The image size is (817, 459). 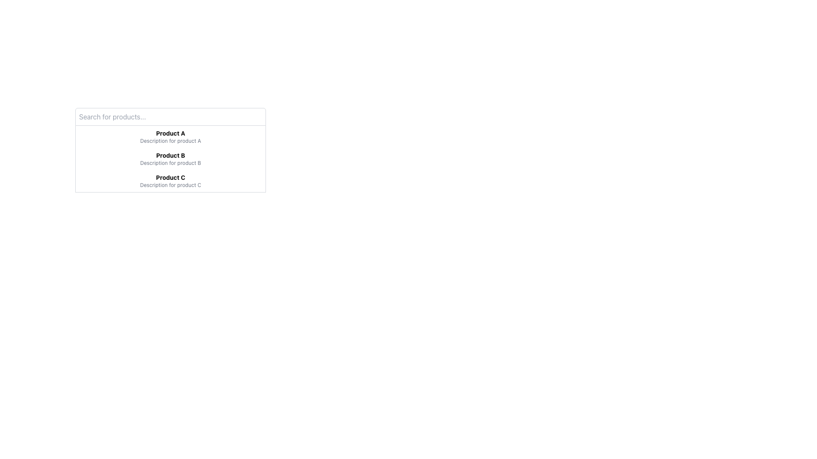 What do you see at coordinates (170, 184) in the screenshot?
I see `supplementary descriptive text for 'Product C' located in the third list item of a vertical list, positioned below the 'Product C' header` at bounding box center [170, 184].